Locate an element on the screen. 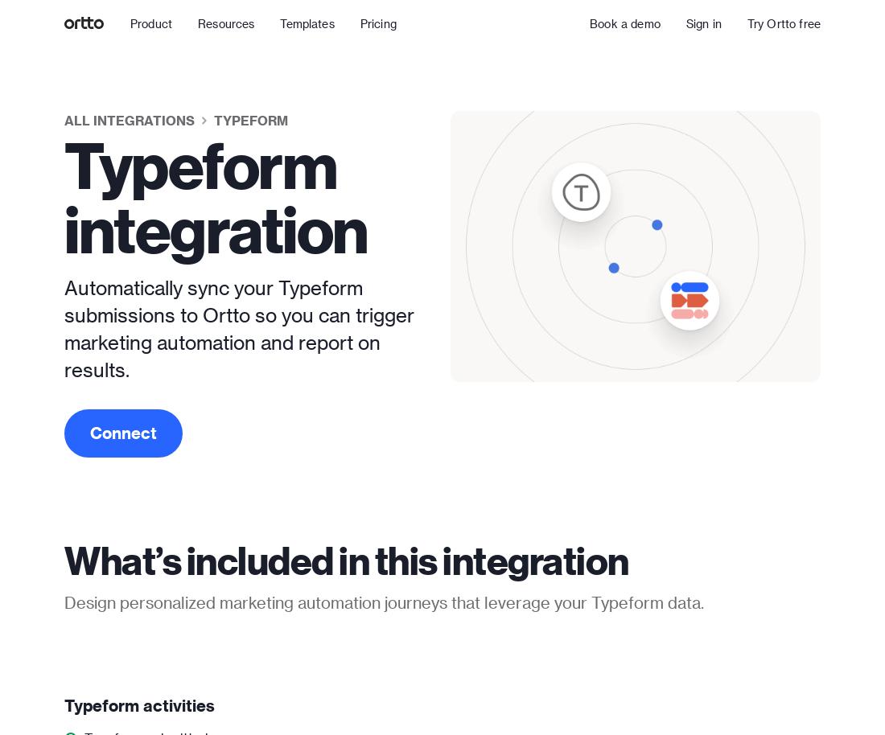  'Design personalized marketing automation journeys that leverage your Typeform data.' is located at coordinates (383, 602).